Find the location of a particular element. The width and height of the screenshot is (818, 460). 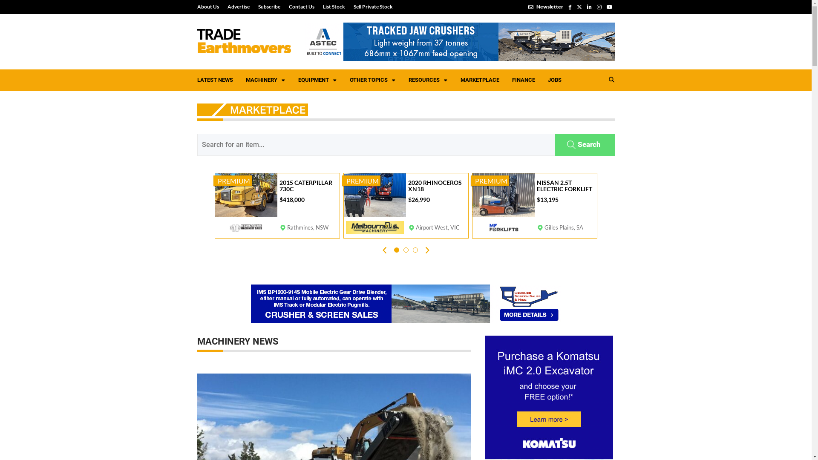

'Subscribe' is located at coordinates (269, 6).